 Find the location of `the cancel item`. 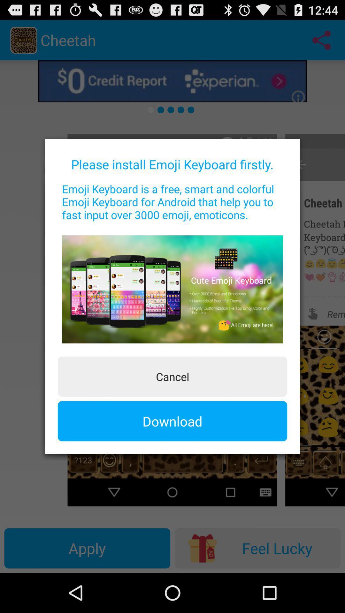

the cancel item is located at coordinates (172, 376).